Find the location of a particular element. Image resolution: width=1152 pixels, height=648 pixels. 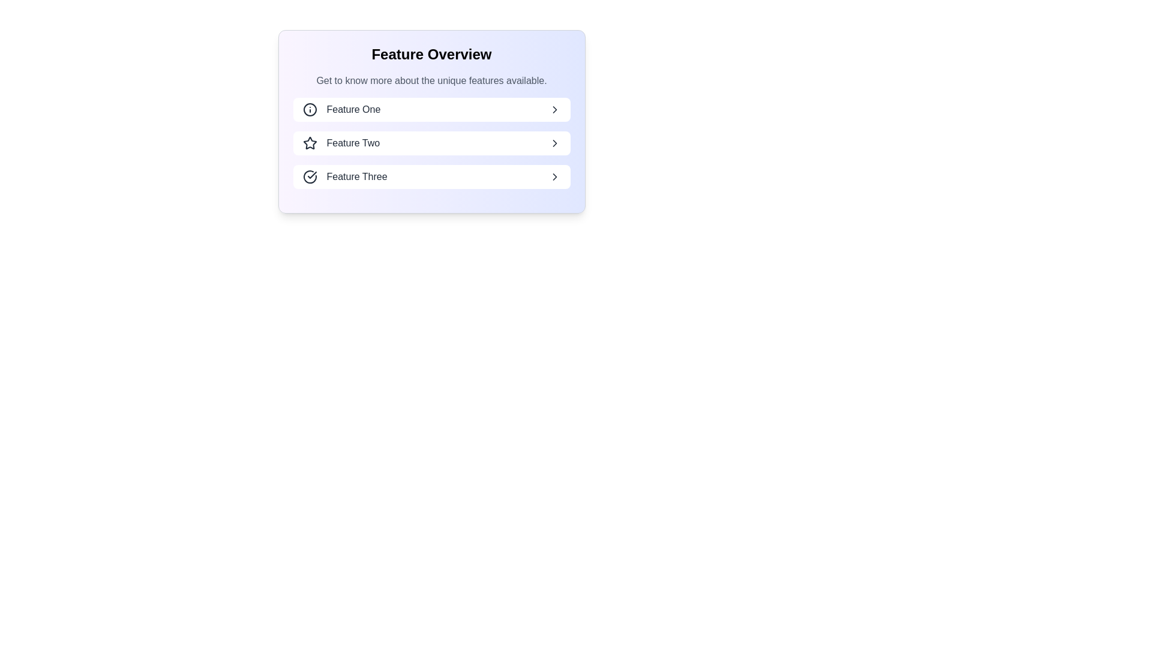

the second interactive list item is located at coordinates (431, 143).